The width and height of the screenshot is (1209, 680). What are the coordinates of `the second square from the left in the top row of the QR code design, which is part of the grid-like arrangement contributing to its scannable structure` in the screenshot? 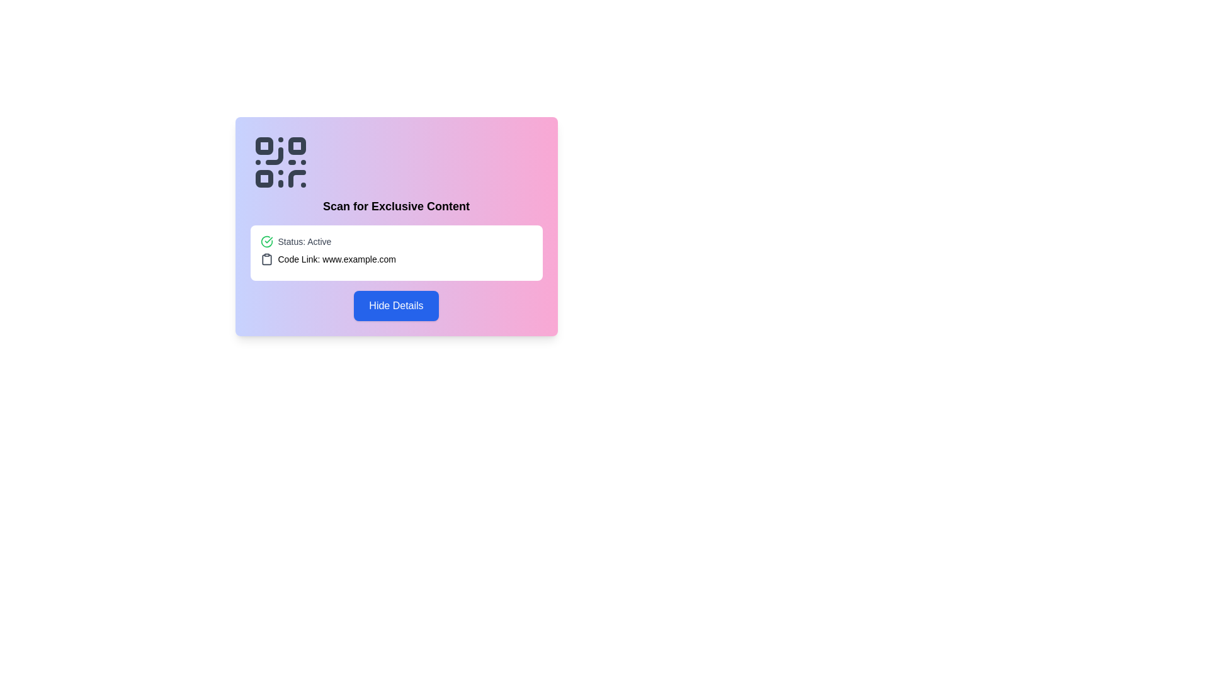 It's located at (296, 145).